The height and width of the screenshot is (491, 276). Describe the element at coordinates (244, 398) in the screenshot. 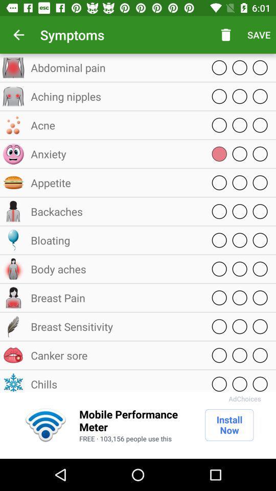

I see `the item next to chills icon` at that location.